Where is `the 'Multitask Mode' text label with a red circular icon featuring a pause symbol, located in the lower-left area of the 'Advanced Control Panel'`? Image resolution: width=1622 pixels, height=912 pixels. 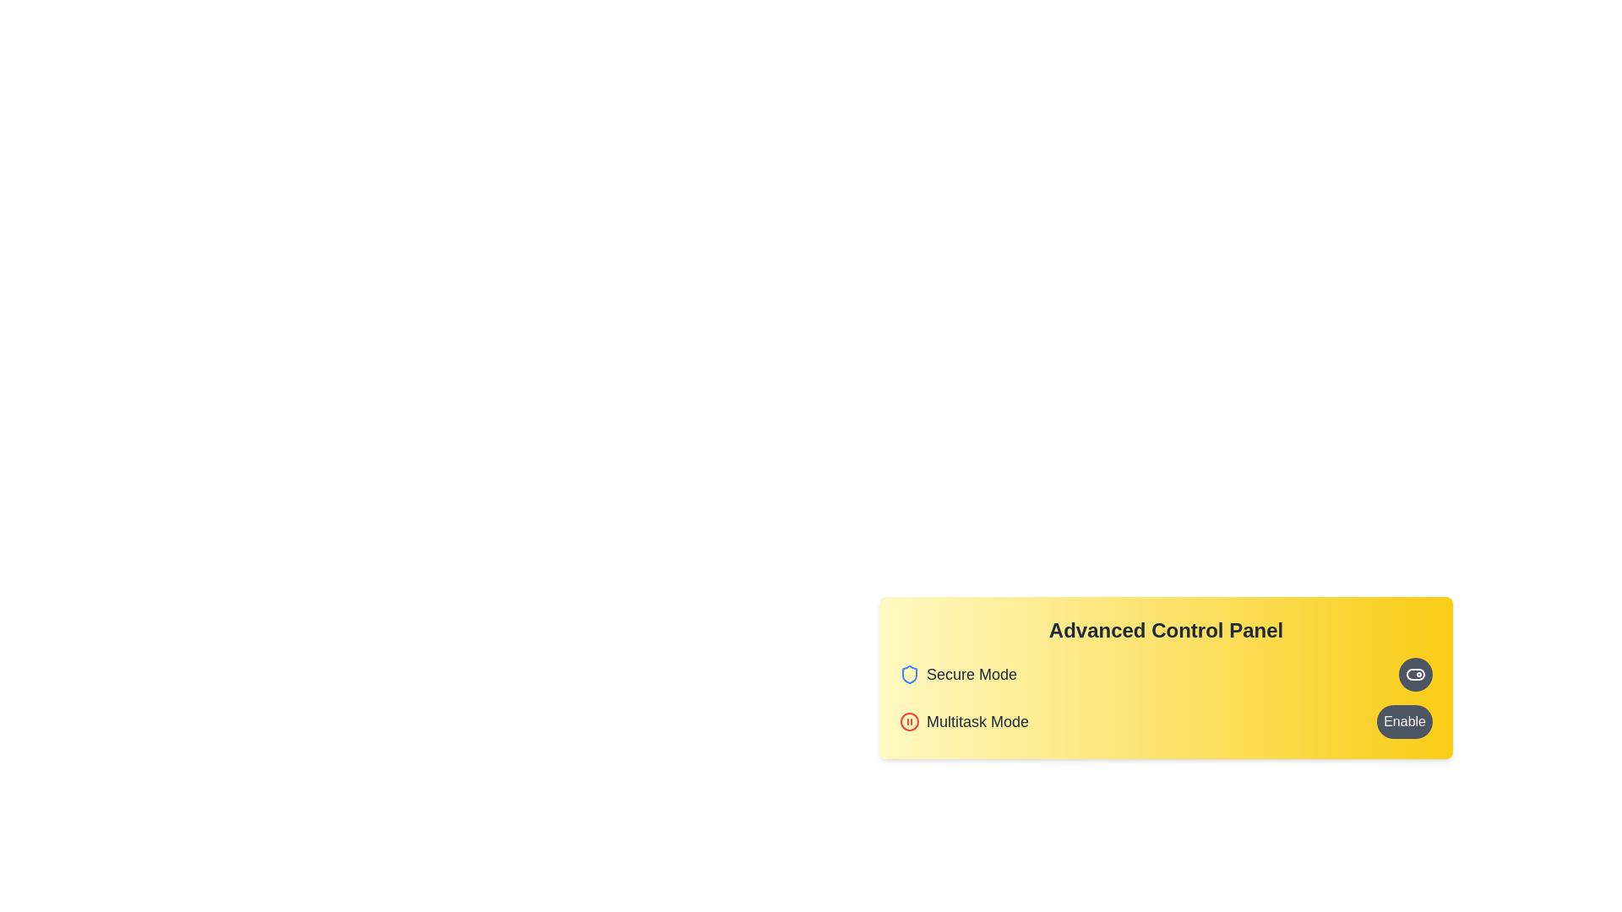 the 'Multitask Mode' text label with a red circular icon featuring a pause symbol, located in the lower-left area of the 'Advanced Control Panel' is located at coordinates (964, 722).